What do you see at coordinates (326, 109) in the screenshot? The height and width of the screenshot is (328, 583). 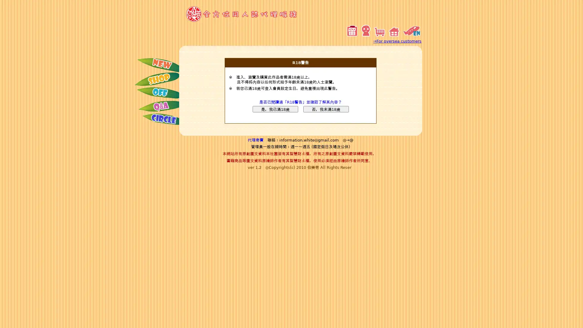 I see `,18` at bounding box center [326, 109].